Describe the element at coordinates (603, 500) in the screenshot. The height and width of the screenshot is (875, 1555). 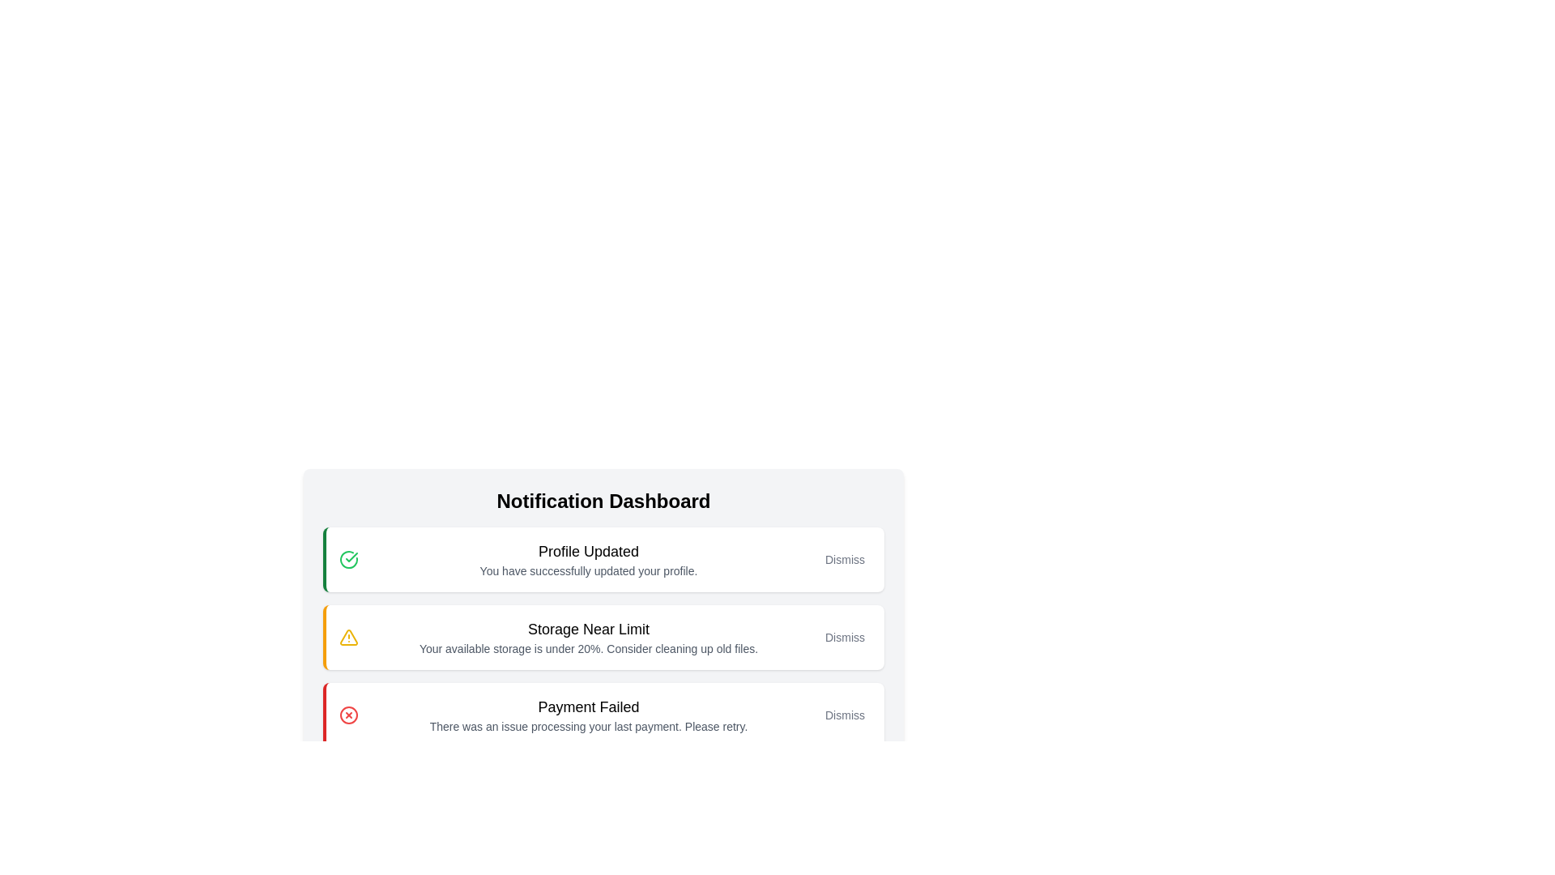
I see `the title Text Label at the top of the notification panel, which serves as the primary heading for the section` at that location.